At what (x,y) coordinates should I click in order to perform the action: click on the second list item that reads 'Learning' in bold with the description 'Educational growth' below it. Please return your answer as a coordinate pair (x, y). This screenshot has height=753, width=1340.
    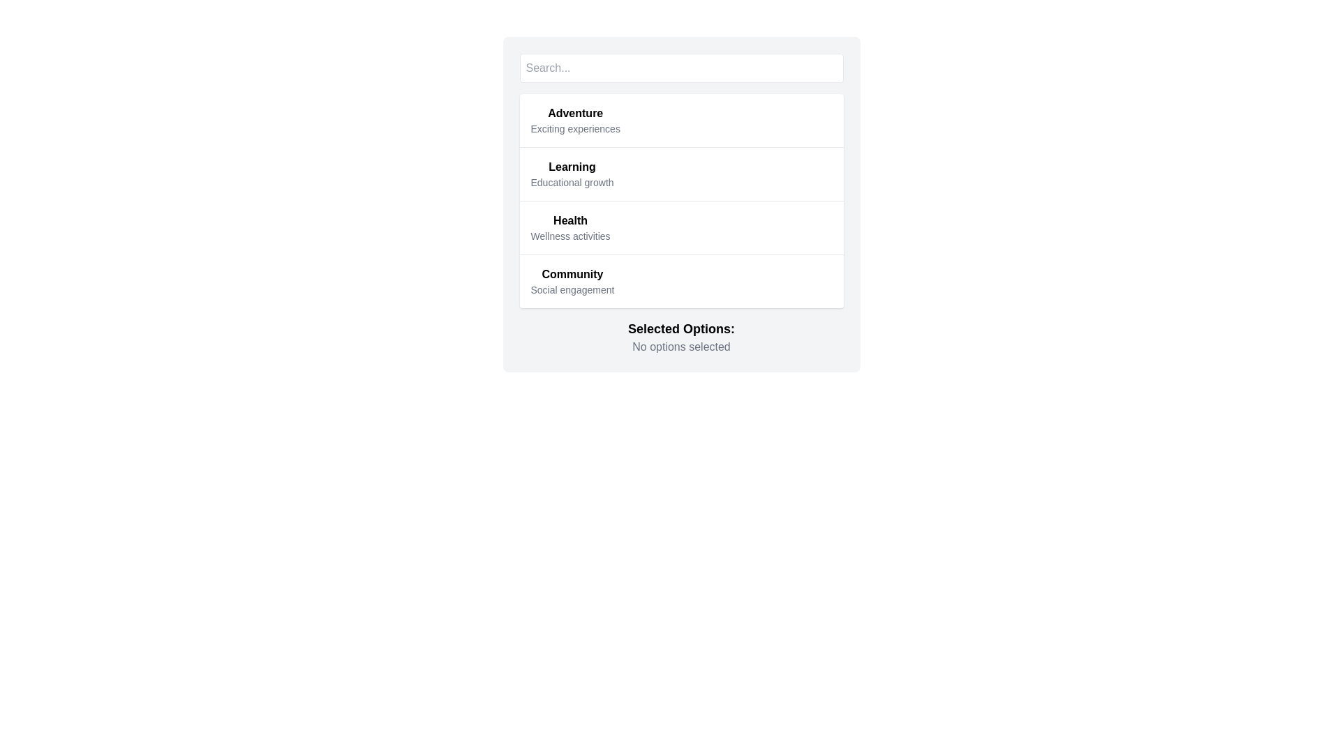
    Looking at the image, I should click on (681, 173).